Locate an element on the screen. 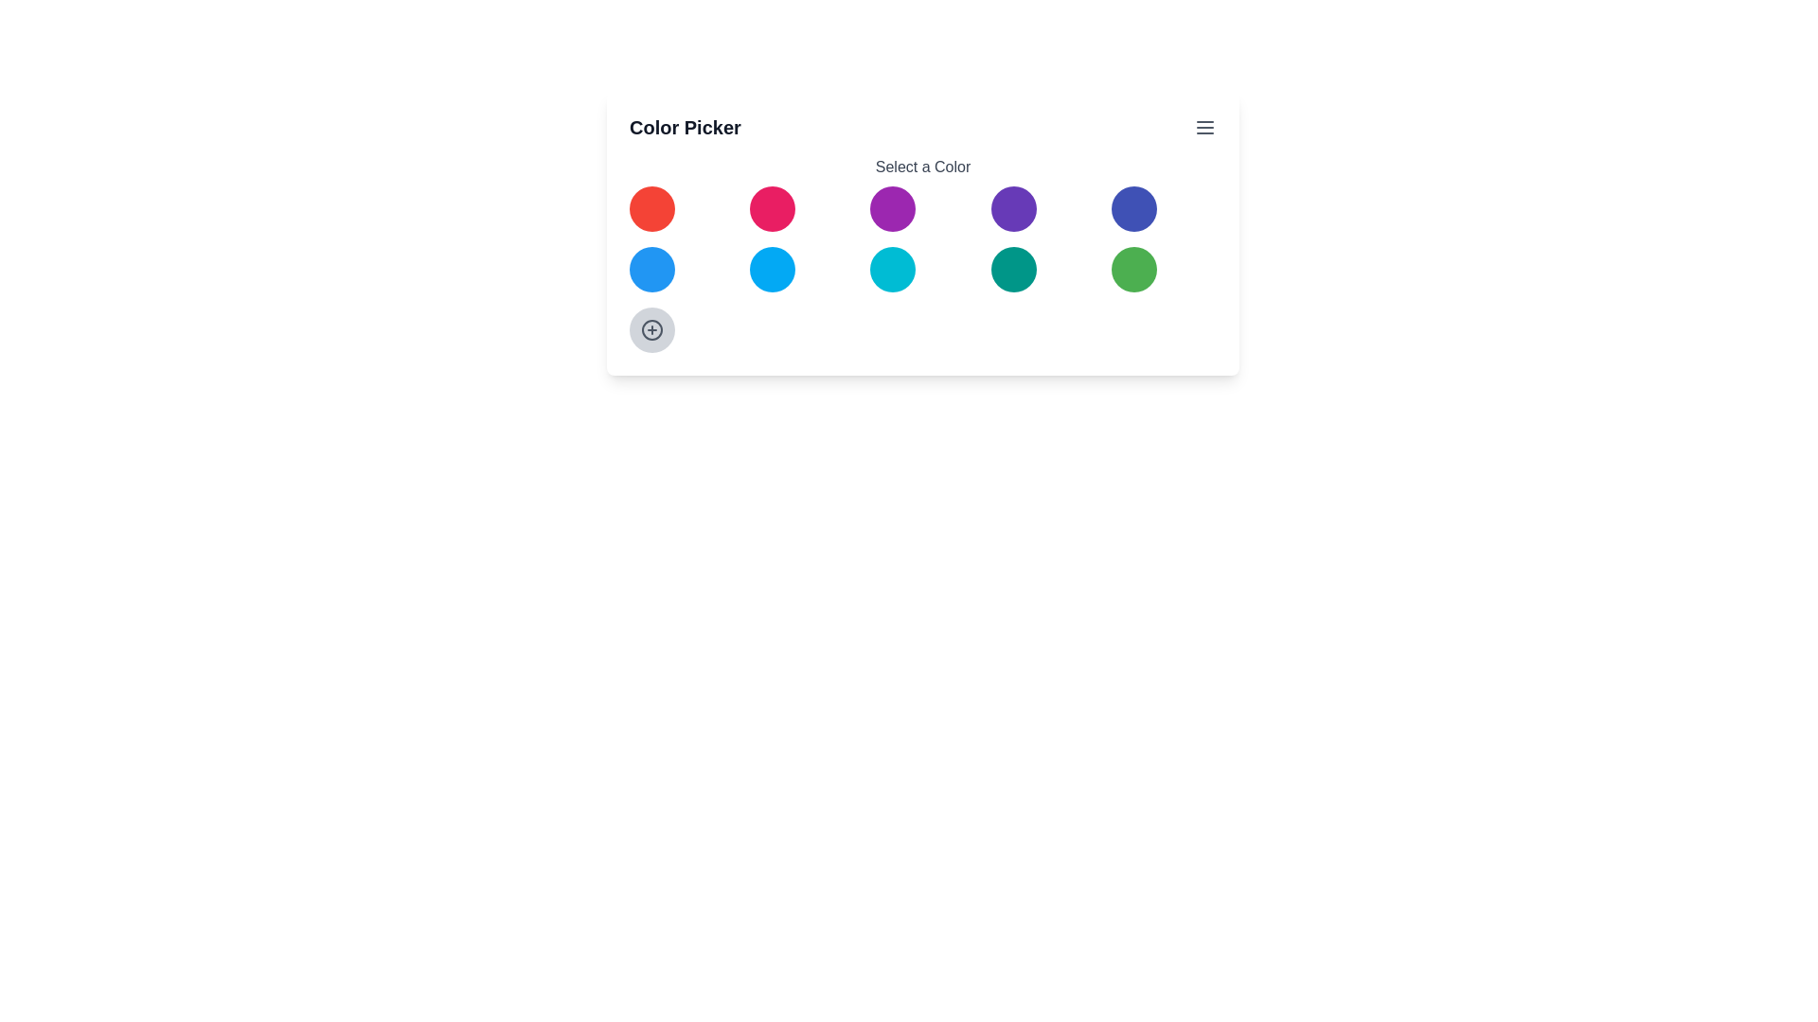 The image size is (1818, 1022). the color circle with color pink is located at coordinates (773, 208).